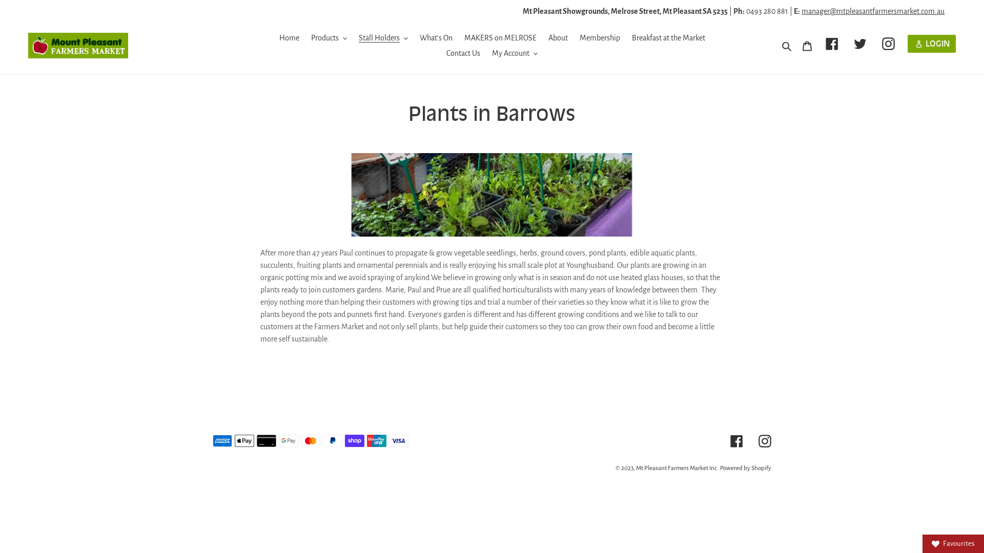  What do you see at coordinates (745, 468) in the screenshot?
I see `'Powered by Shopify'` at bounding box center [745, 468].